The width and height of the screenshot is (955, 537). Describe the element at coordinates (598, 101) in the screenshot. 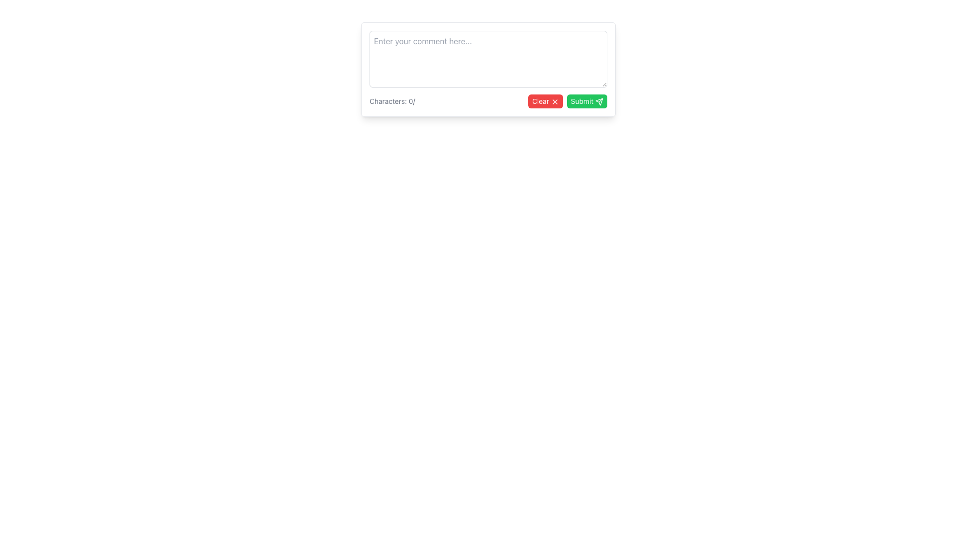

I see `the 'Send' icon located within the 'Submit' button, which is aligned to the right of the 'Submit' text label` at that location.